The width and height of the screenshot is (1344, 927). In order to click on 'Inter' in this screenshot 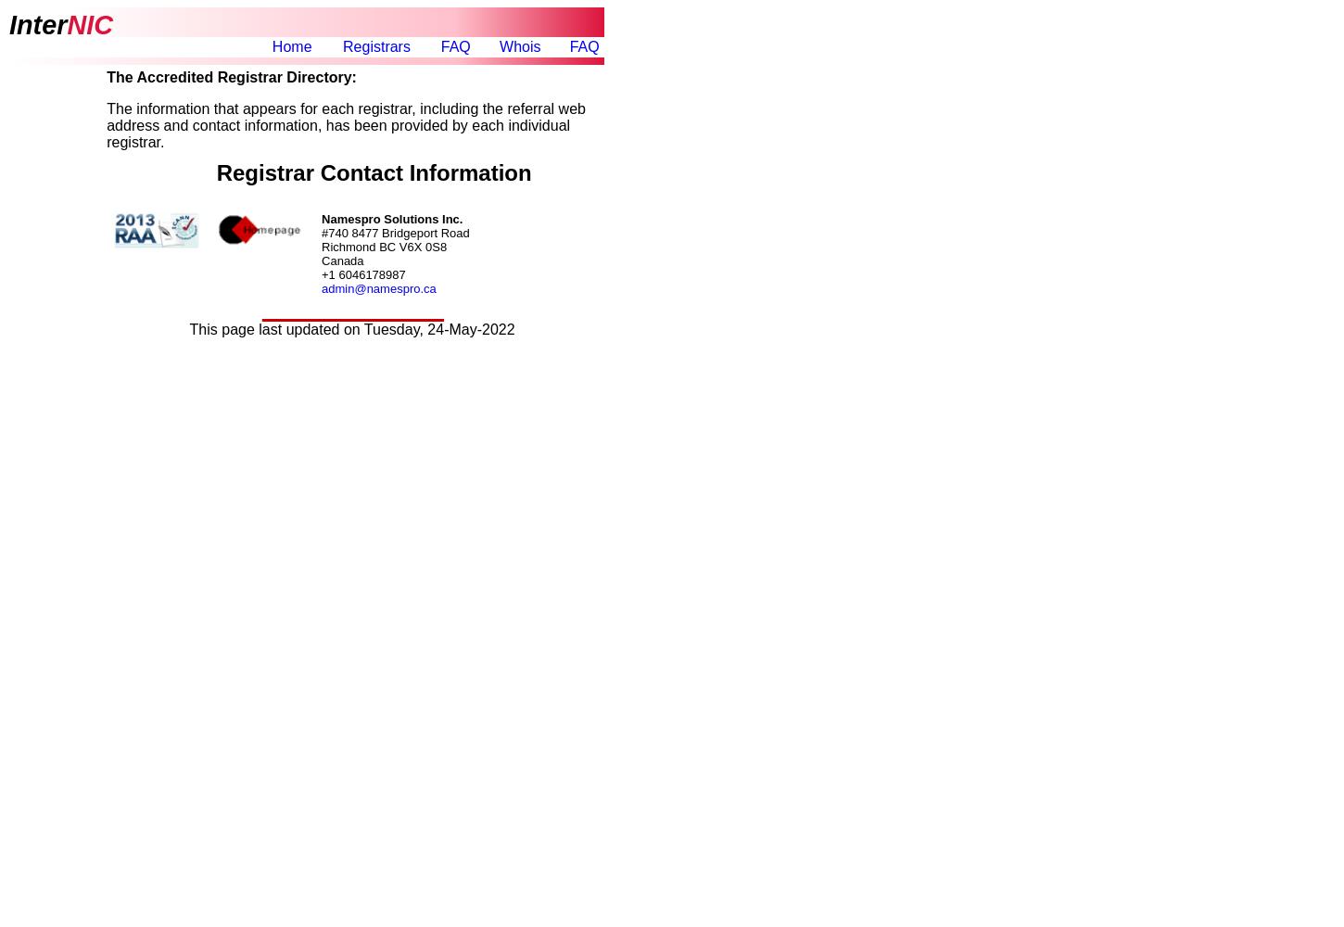, I will do `click(38, 24)`.